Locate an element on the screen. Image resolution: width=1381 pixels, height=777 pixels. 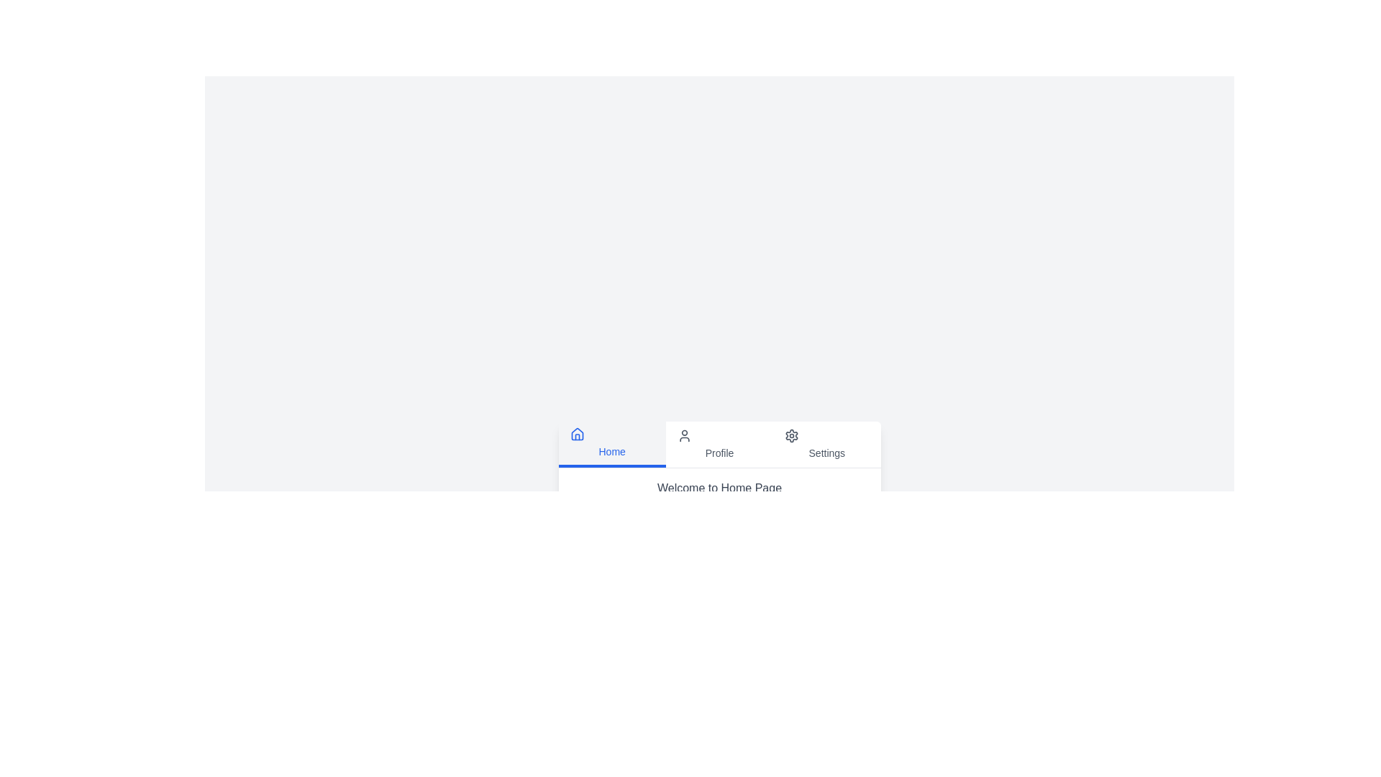
the Profile tab to switch to its view is located at coordinates (719, 443).